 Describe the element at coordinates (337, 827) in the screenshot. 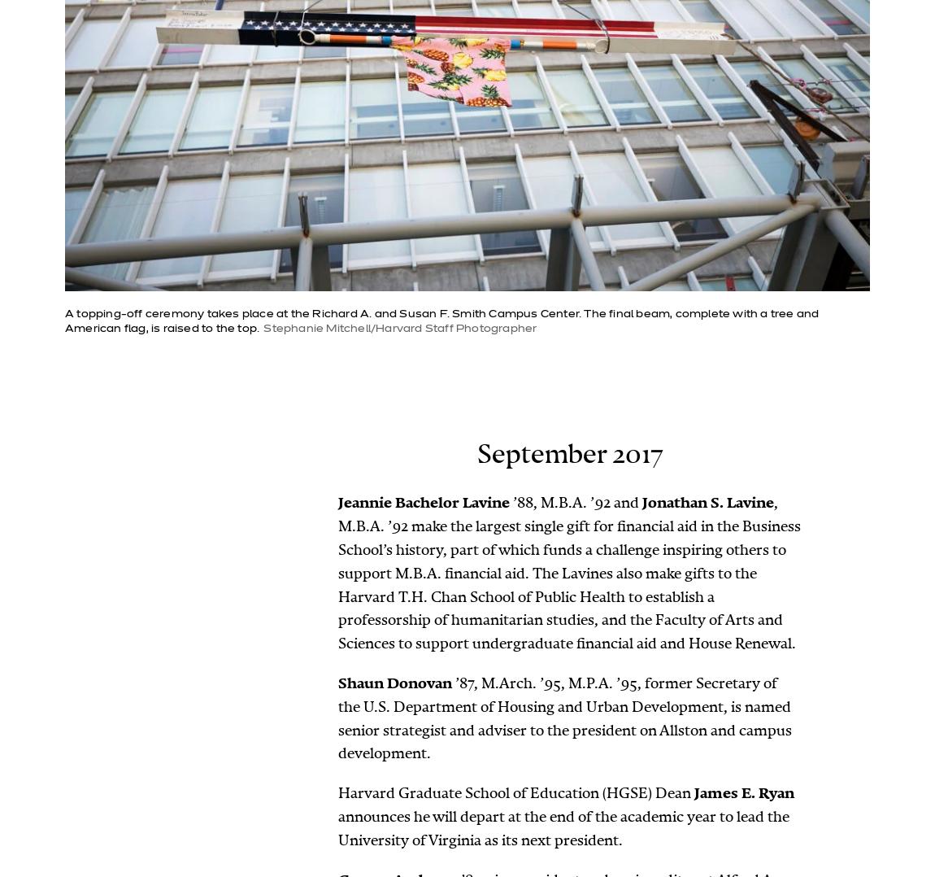

I see `'announces he will depart at the end of the academic year to lead the University of Virginia as its next president.'` at that location.